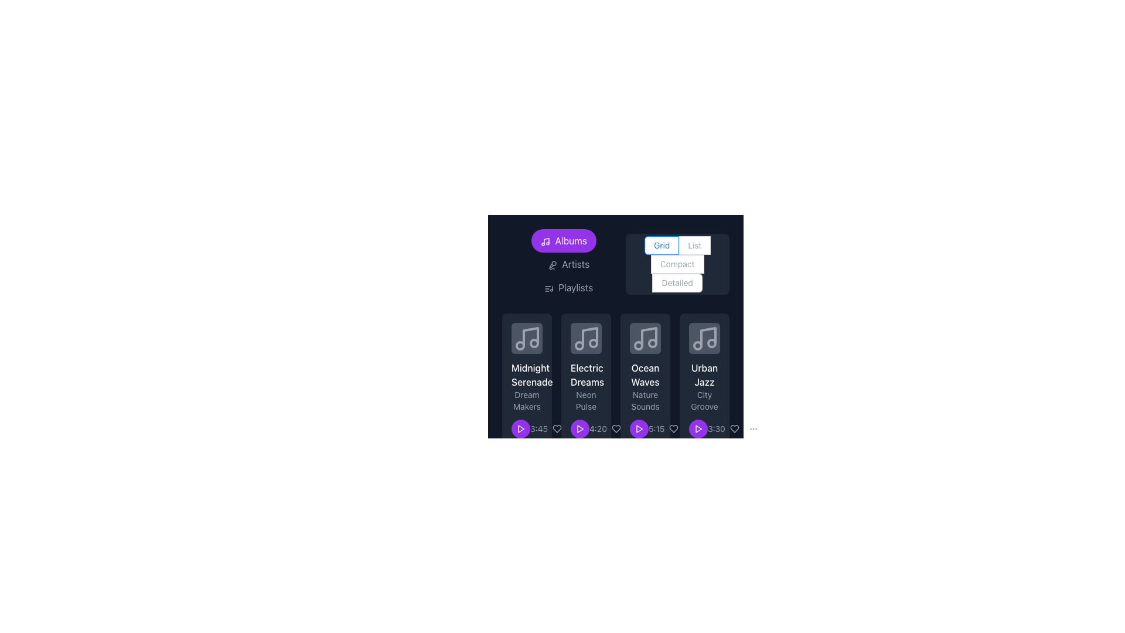 Image resolution: width=1125 pixels, height=633 pixels. Describe the element at coordinates (662, 245) in the screenshot. I see `the highlighted 'Grid' radio button` at that location.